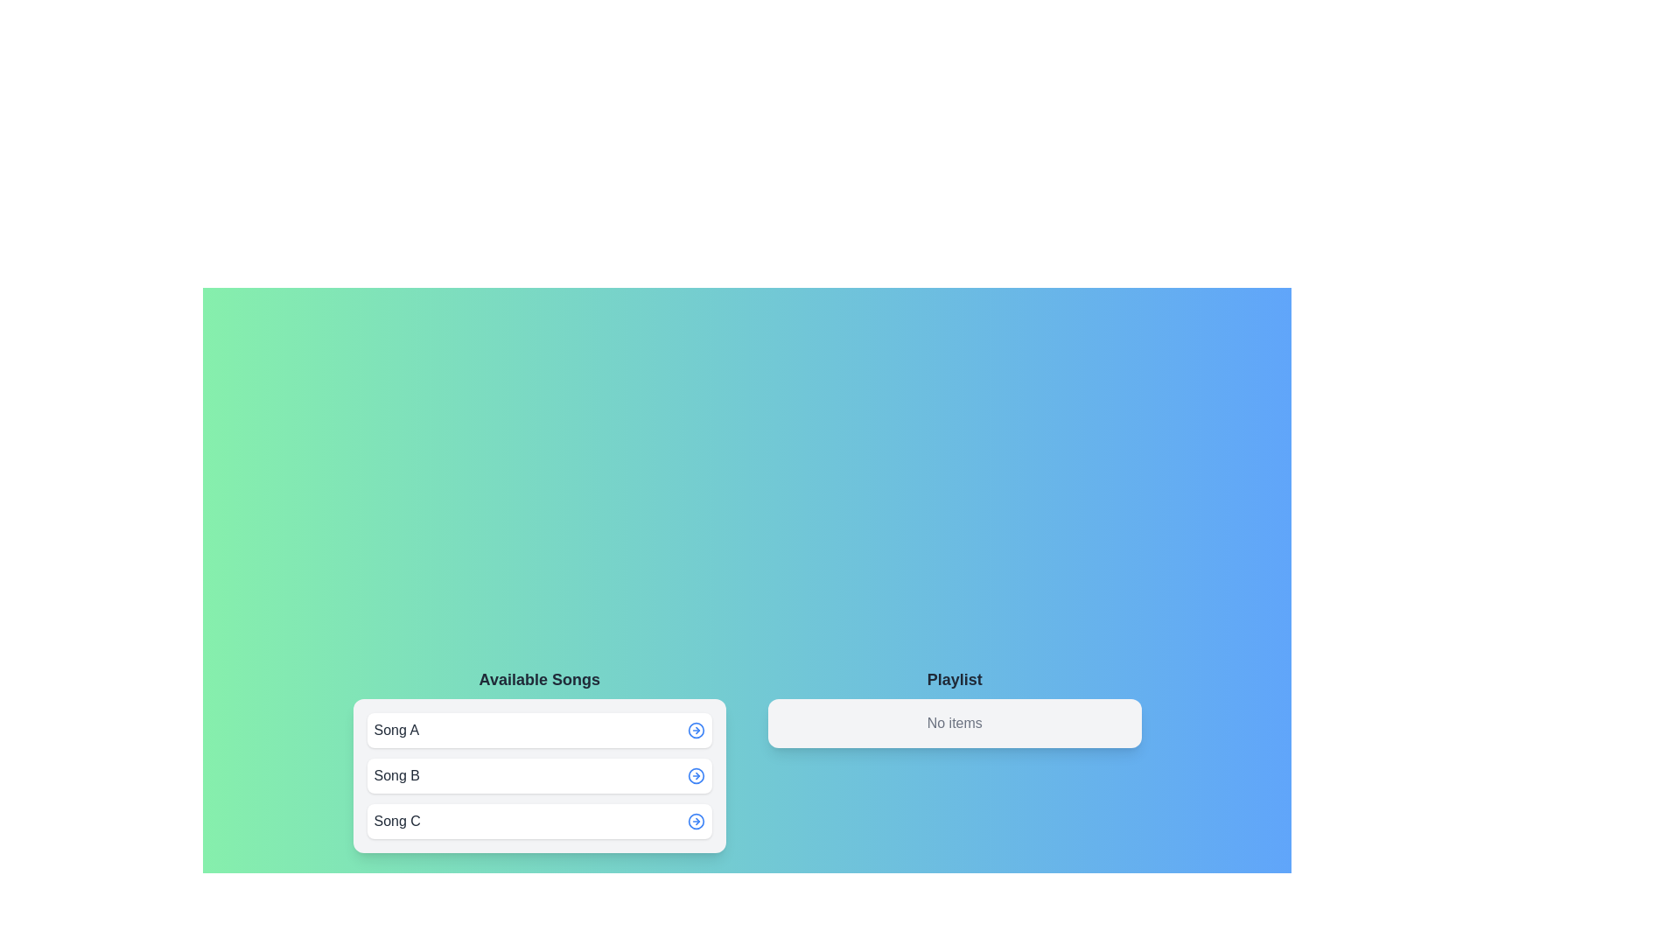  What do you see at coordinates (696, 821) in the screenshot?
I see `arrow button next to the song Song C in the 'Available Songs' list to transfer it to the 'Playlist'` at bounding box center [696, 821].